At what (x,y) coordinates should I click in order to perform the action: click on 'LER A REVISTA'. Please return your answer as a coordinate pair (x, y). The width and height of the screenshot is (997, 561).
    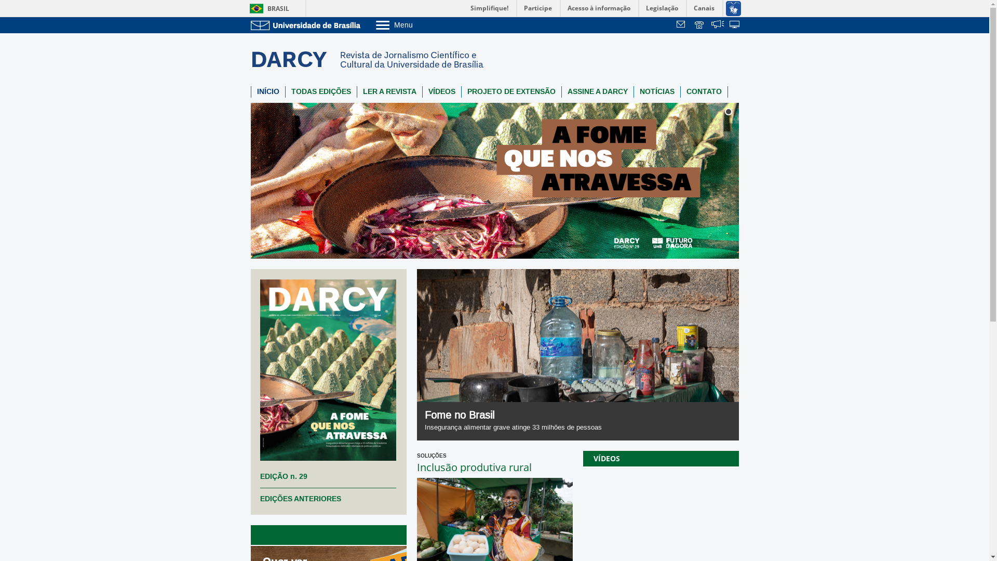
    Looking at the image, I should click on (357, 91).